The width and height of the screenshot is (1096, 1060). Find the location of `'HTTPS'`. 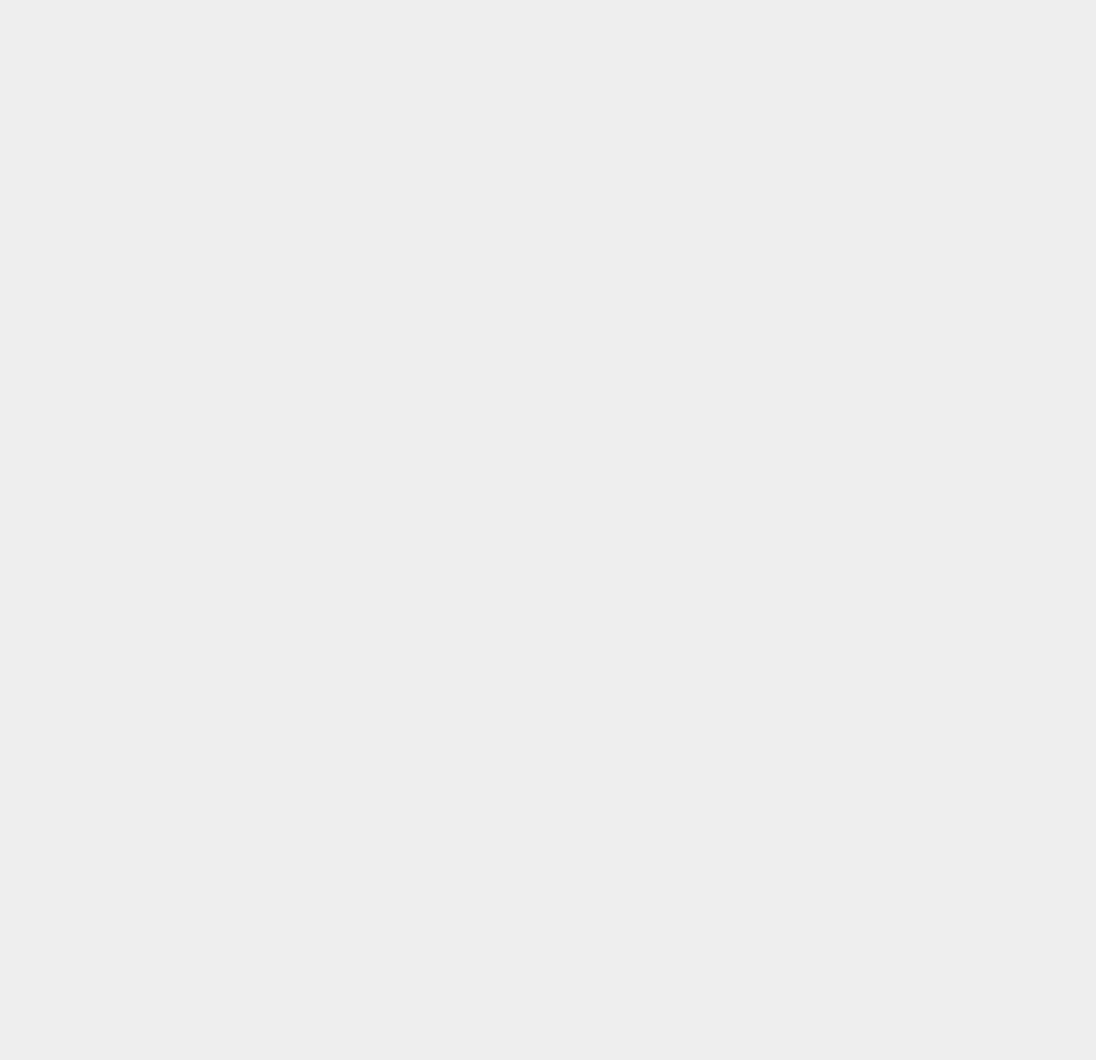

'HTTPS' is located at coordinates (796, 726).